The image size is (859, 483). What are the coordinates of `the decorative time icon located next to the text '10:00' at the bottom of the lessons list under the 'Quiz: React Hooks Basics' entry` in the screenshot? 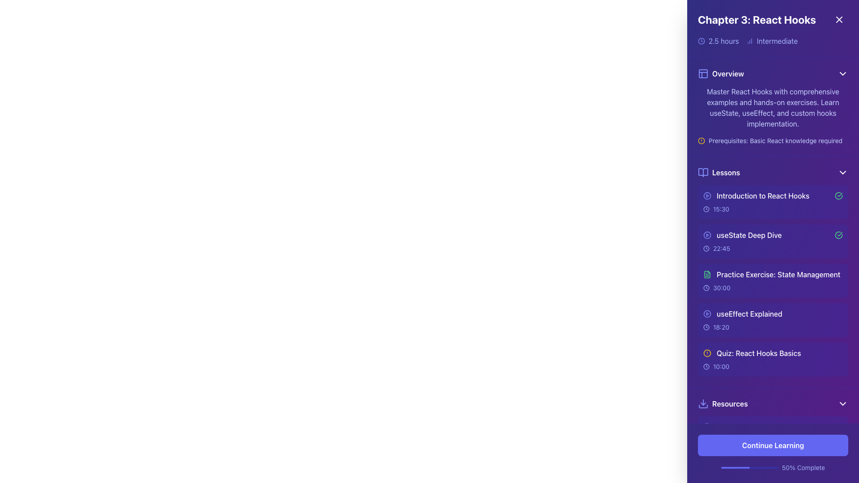 It's located at (706, 367).